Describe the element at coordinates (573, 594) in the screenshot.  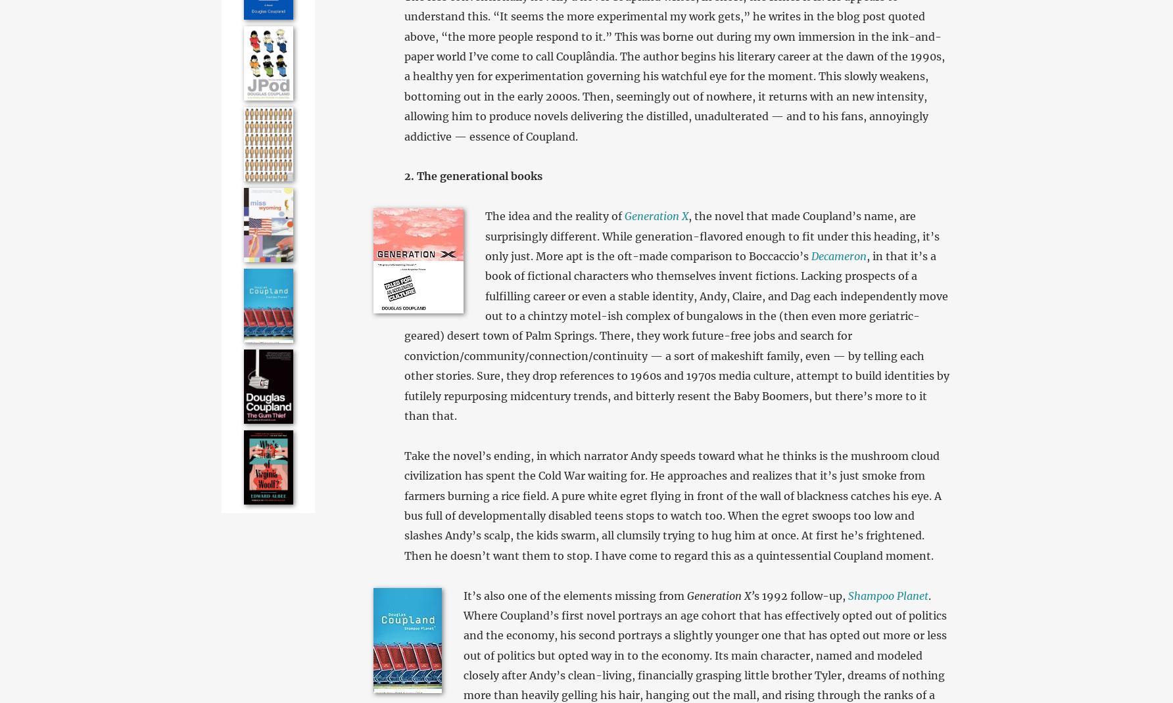
I see `'It’s also one of the elements missing from'` at that location.